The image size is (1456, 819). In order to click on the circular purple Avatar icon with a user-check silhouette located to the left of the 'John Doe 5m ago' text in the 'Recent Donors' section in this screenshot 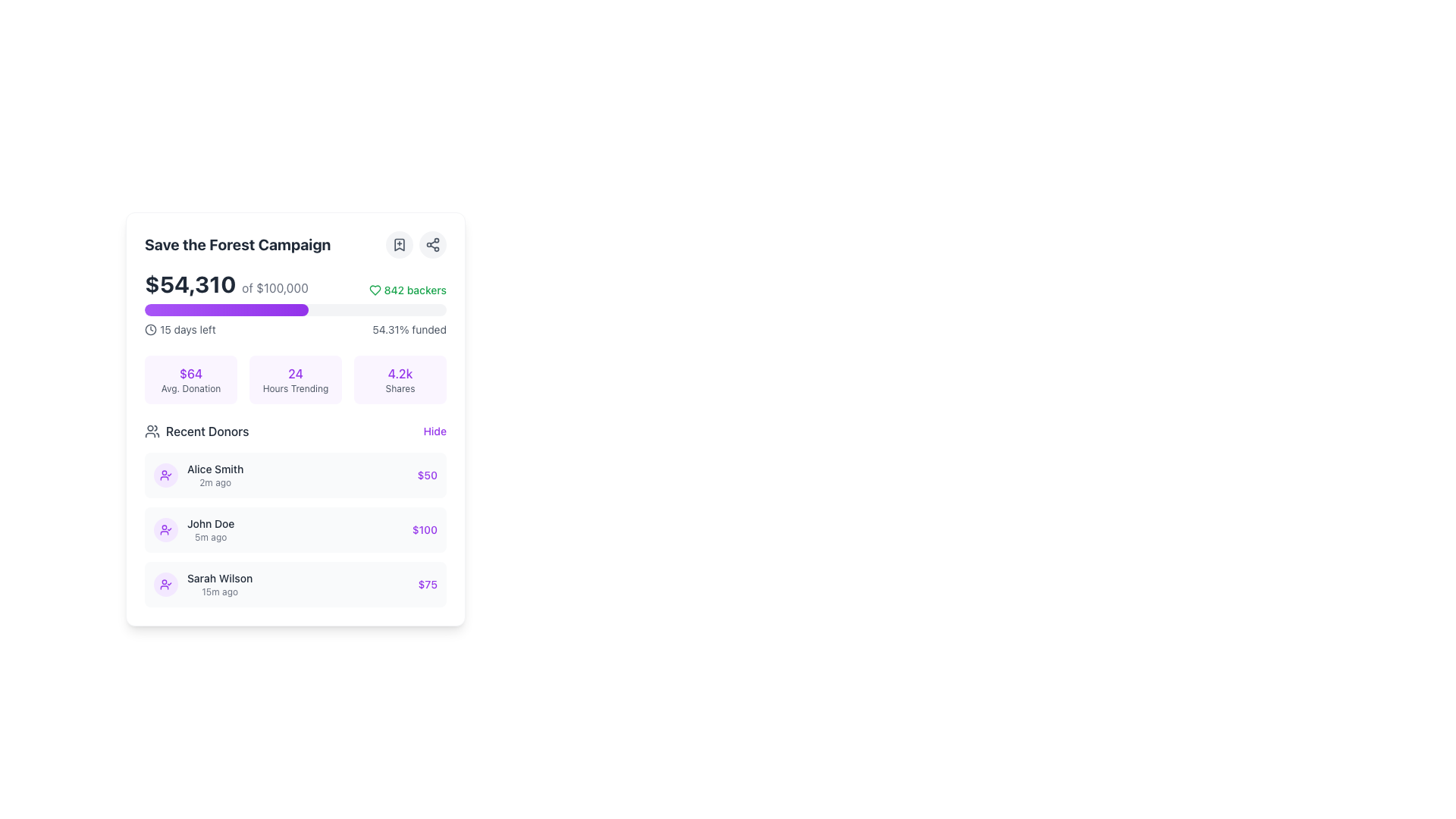, I will do `click(166, 529)`.